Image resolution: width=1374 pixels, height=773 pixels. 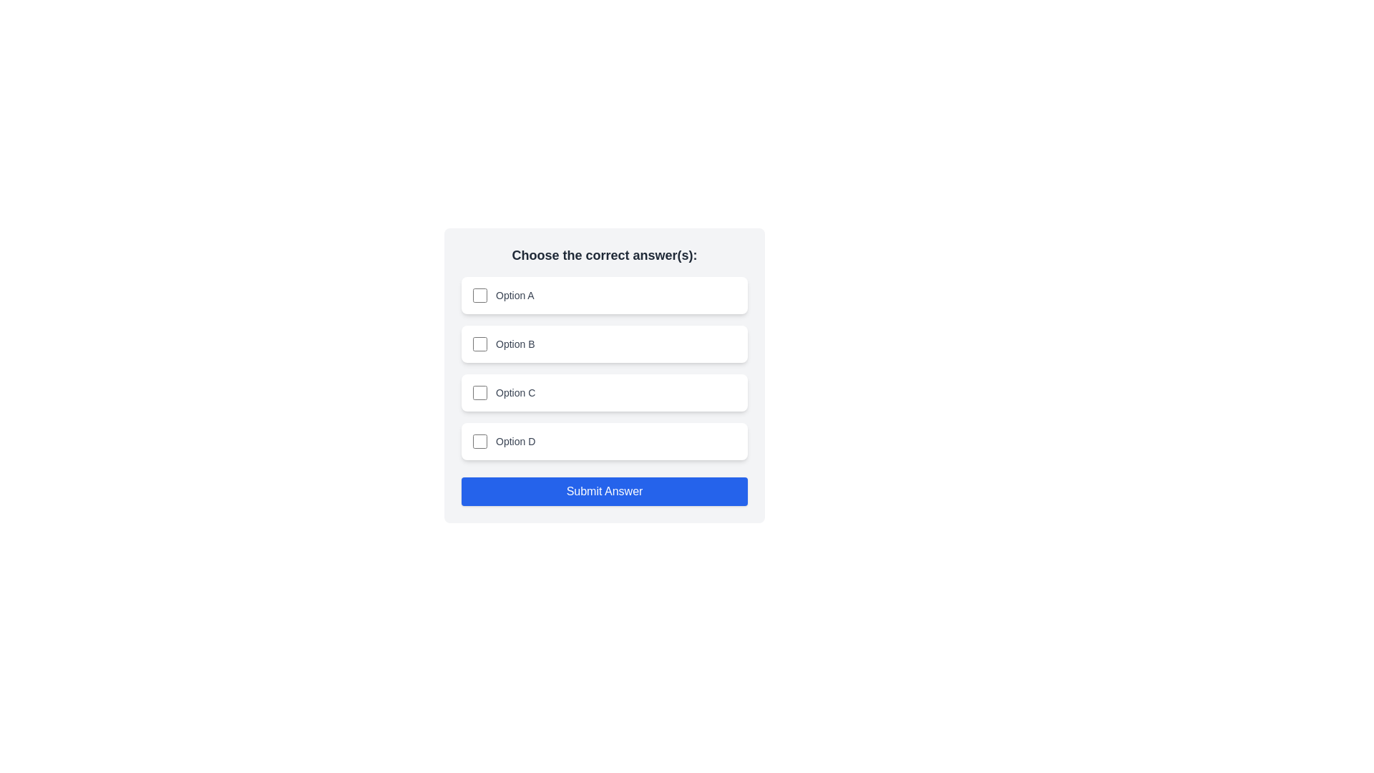 What do you see at coordinates (604, 490) in the screenshot?
I see `the 'Submit Answer' button to submit the selected answers` at bounding box center [604, 490].